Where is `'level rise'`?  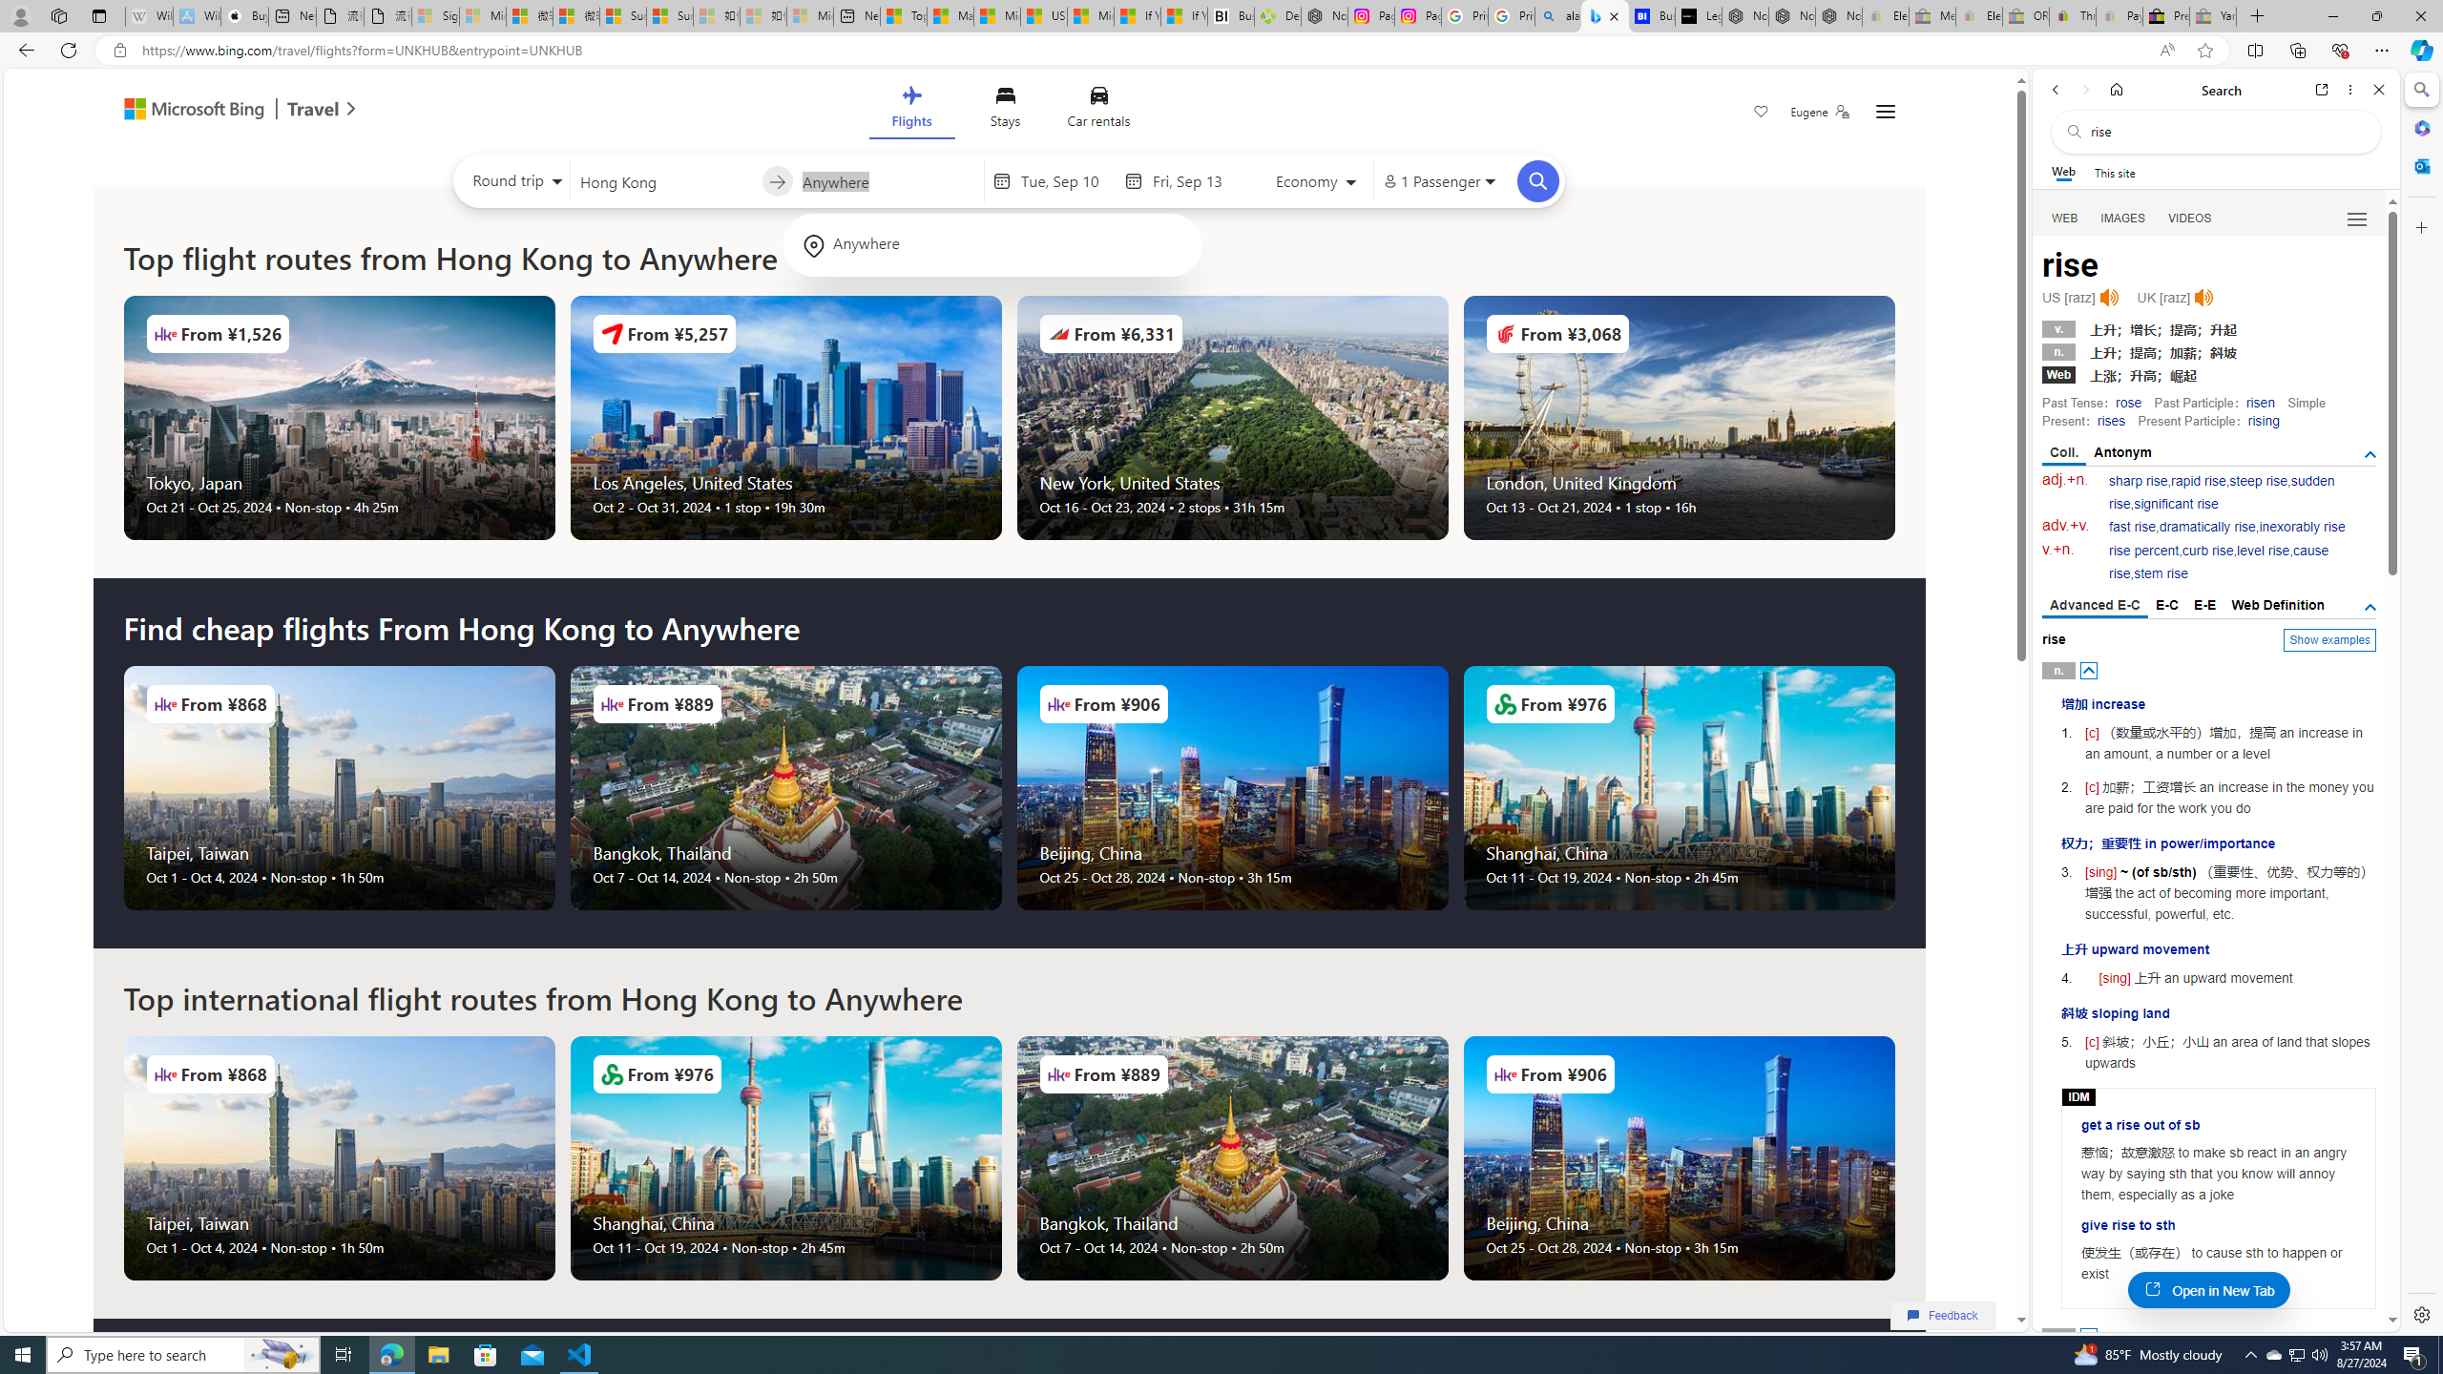
'level rise' is located at coordinates (2264, 551).